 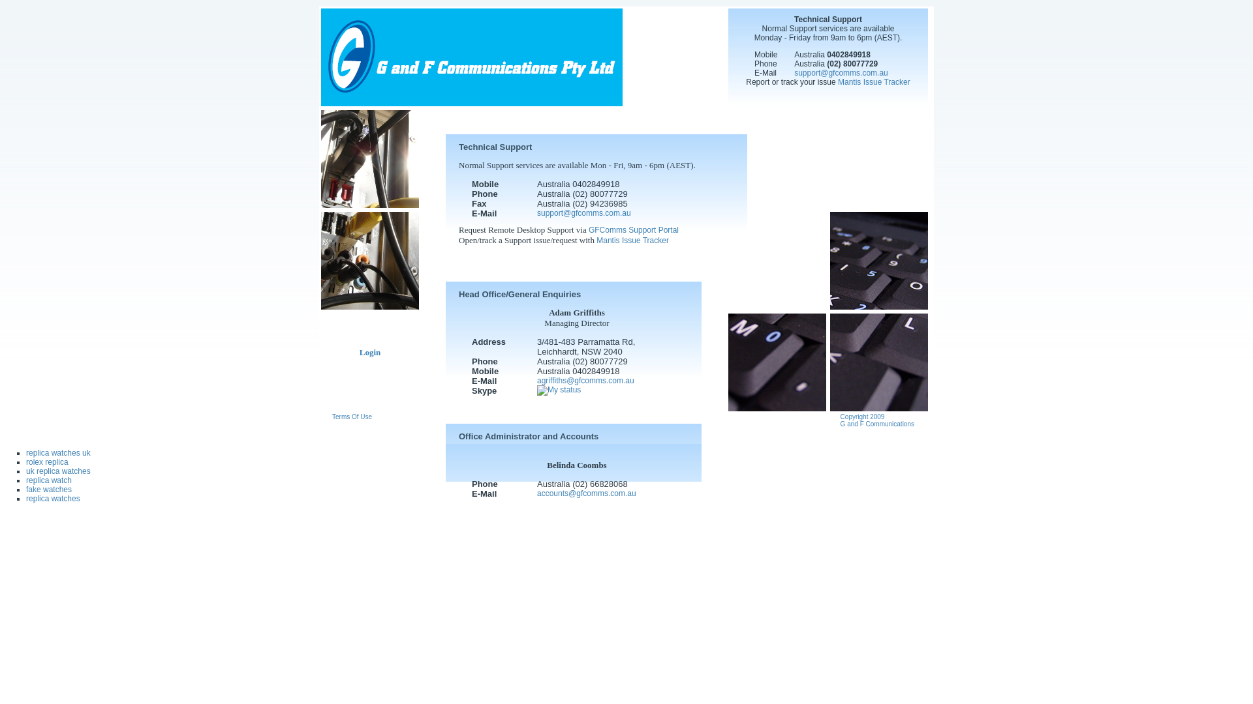 What do you see at coordinates (874, 82) in the screenshot?
I see `'Mantis Issue Tracker'` at bounding box center [874, 82].